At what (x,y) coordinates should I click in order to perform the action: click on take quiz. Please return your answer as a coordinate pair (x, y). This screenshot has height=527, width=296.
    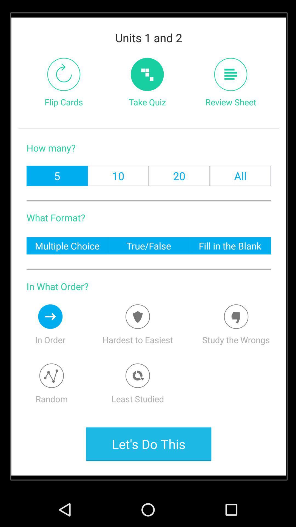
    Looking at the image, I should click on (147, 74).